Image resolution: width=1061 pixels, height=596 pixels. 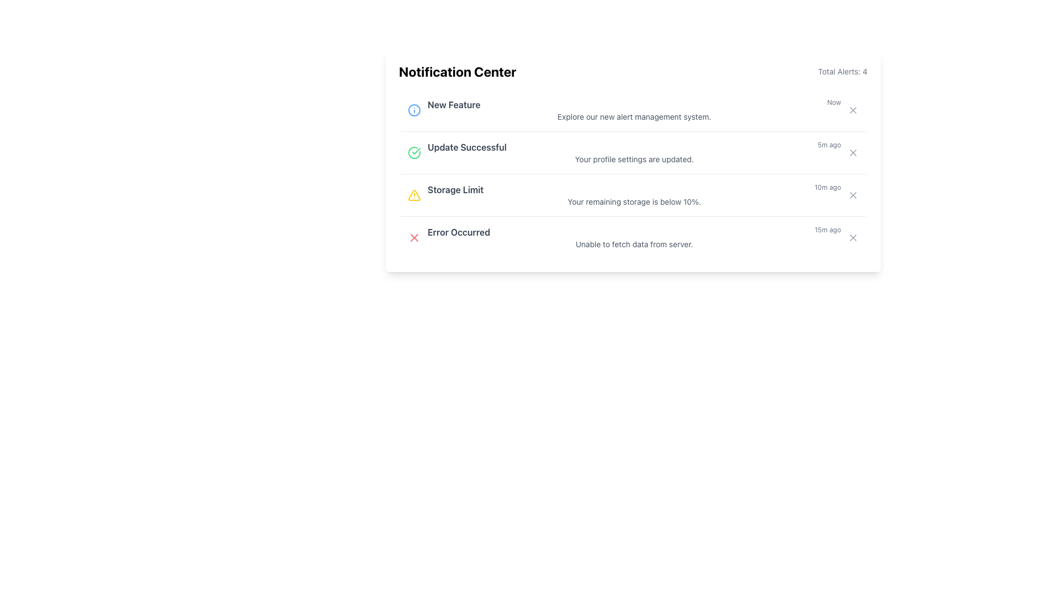 What do you see at coordinates (413, 195) in the screenshot?
I see `the warning icon located immediately to the left of the 'Storage Limit' text in the third notification item of the Notification Center` at bounding box center [413, 195].